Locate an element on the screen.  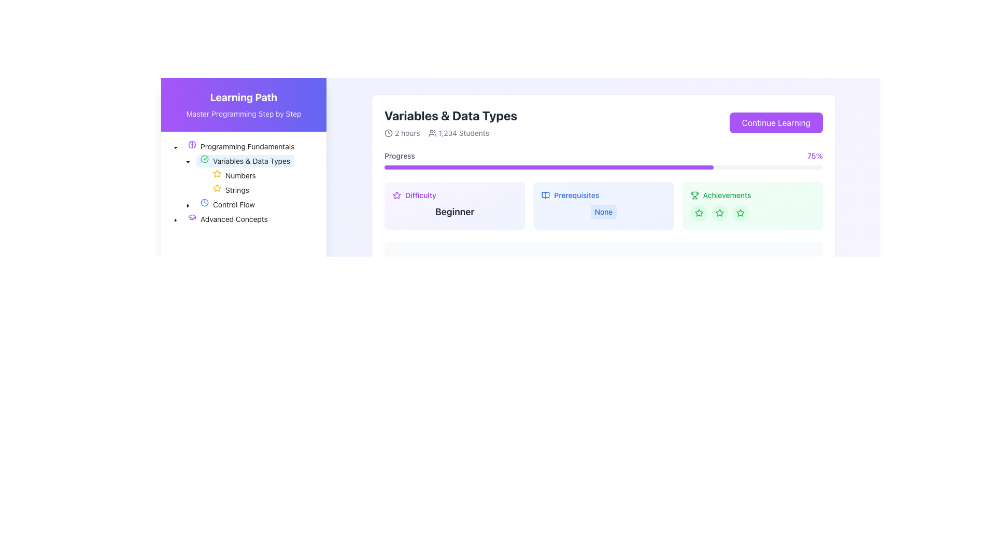
the small icon representing a group of users, which is located to the left of the text '1,234 Students' and right of '2 hours' is located at coordinates (432, 133).